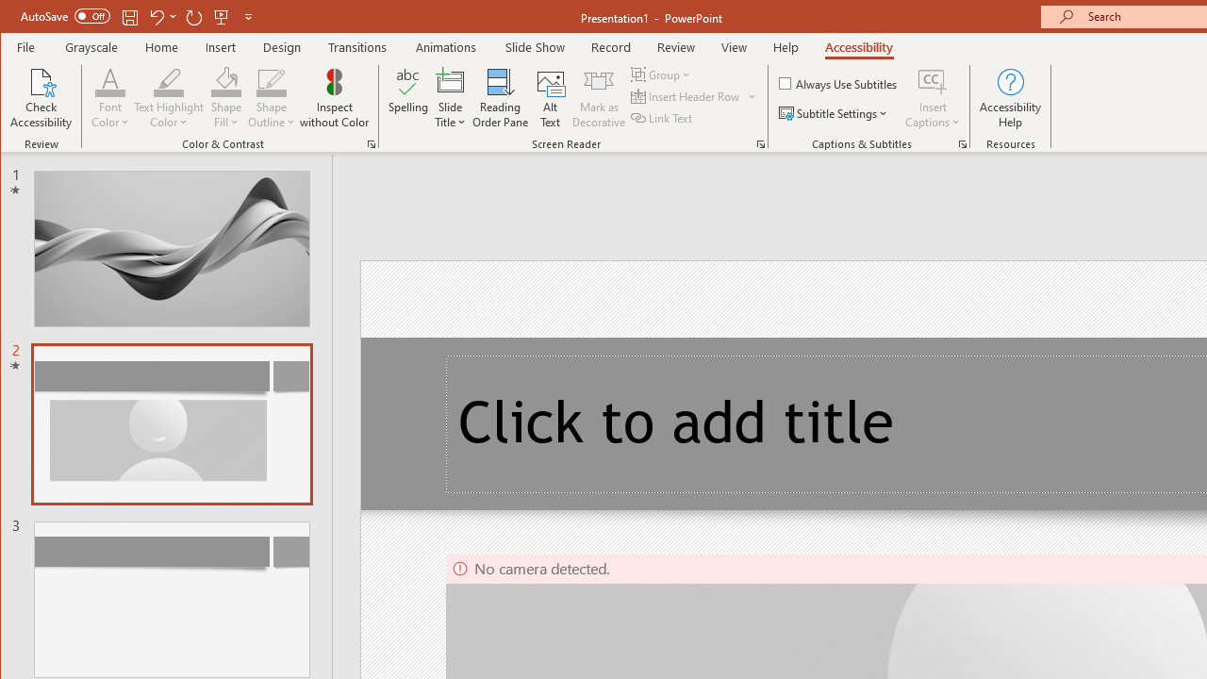 This screenshot has width=1207, height=679. What do you see at coordinates (271, 80) in the screenshot?
I see `'Shape Outline Blue, Accent 1'` at bounding box center [271, 80].